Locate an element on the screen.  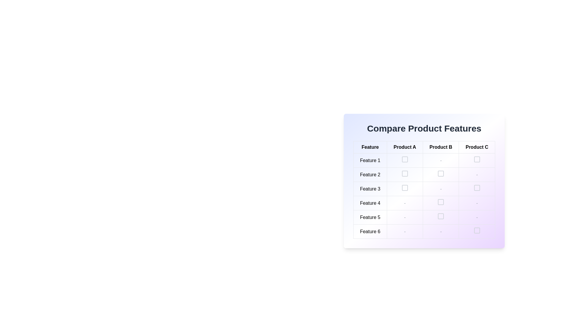
the selection checkbox located in the 'Feature 5' row and 'Product B' column of the table using tab navigation is located at coordinates (441, 217).